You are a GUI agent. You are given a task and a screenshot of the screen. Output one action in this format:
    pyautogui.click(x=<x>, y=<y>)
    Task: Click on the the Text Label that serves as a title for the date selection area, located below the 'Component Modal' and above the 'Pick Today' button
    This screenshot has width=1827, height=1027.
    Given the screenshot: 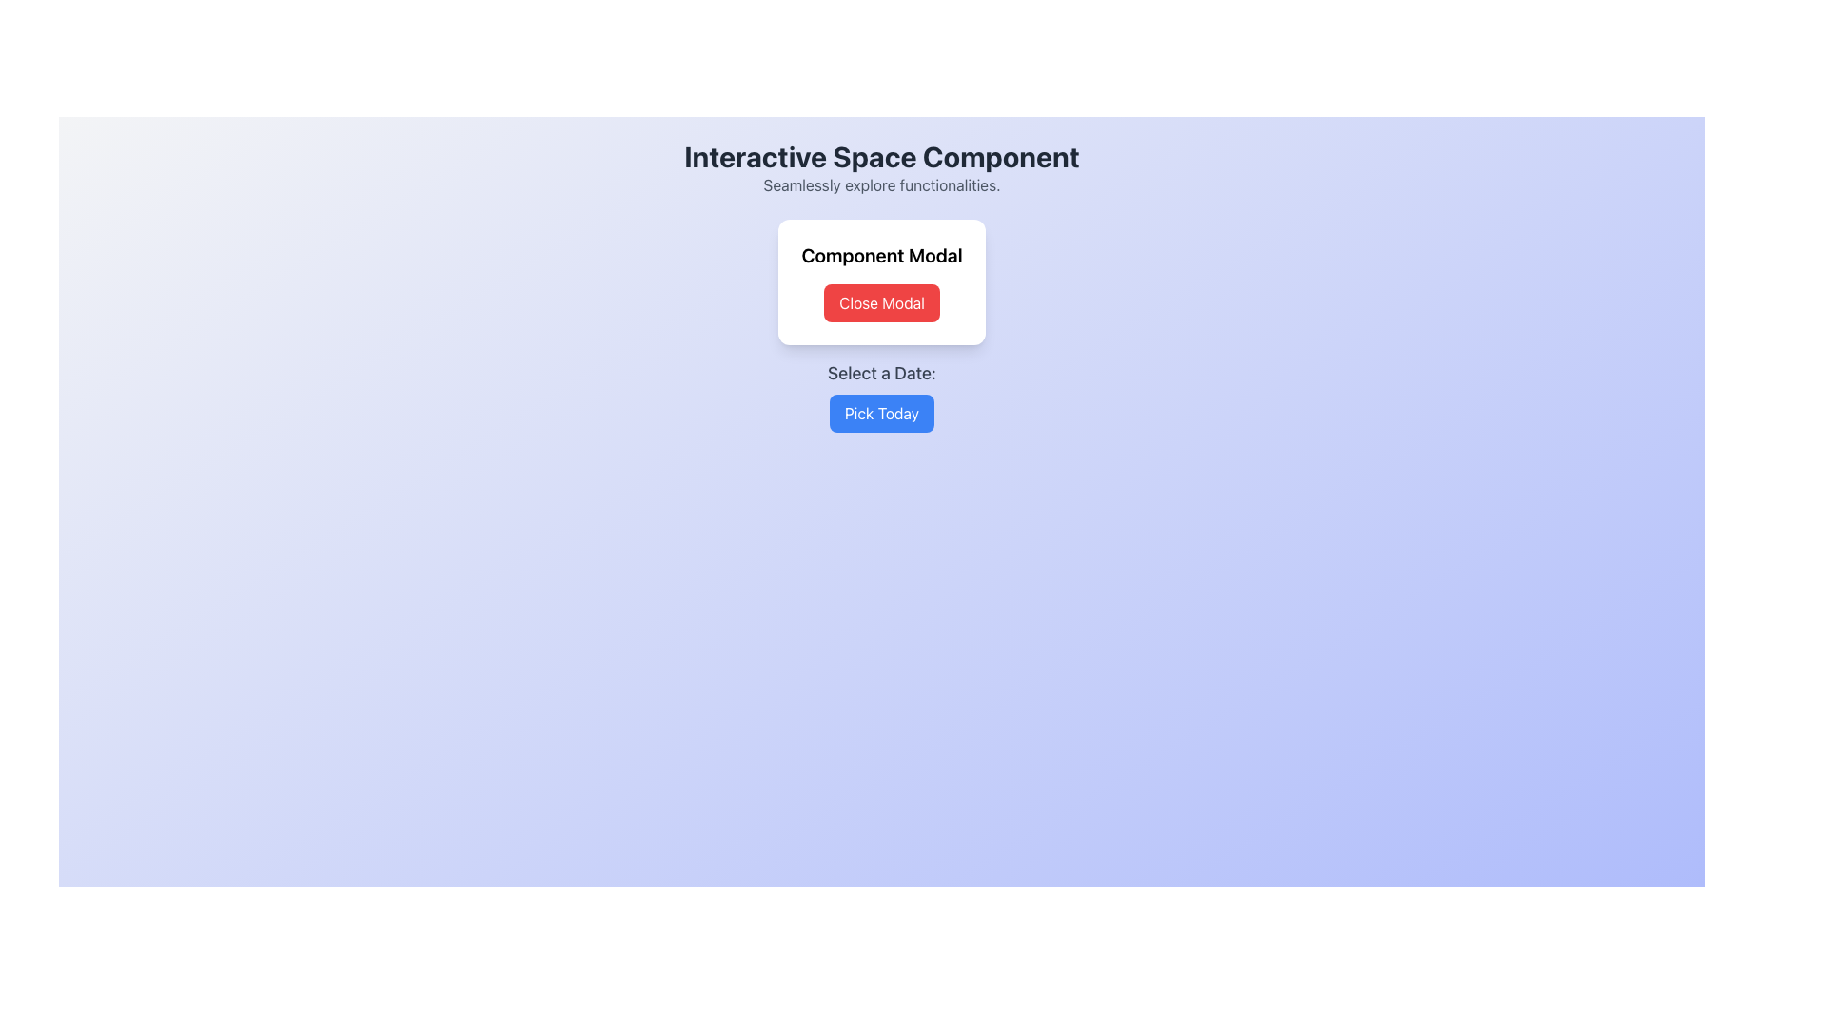 What is the action you would take?
    pyautogui.click(x=880, y=374)
    